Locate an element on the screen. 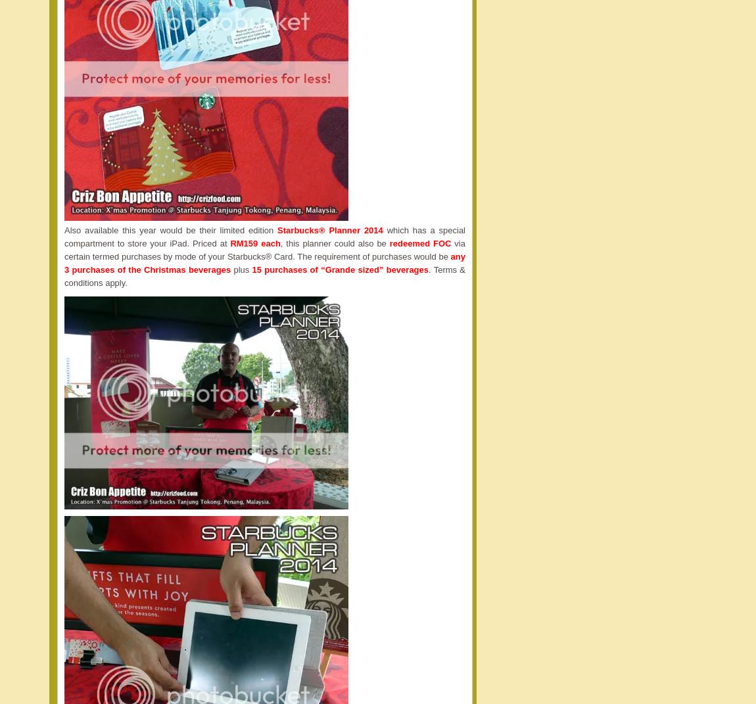  'via certain termed purchases by mode of your Starbucks® Card. The requirement of purchases would be' is located at coordinates (264, 249).